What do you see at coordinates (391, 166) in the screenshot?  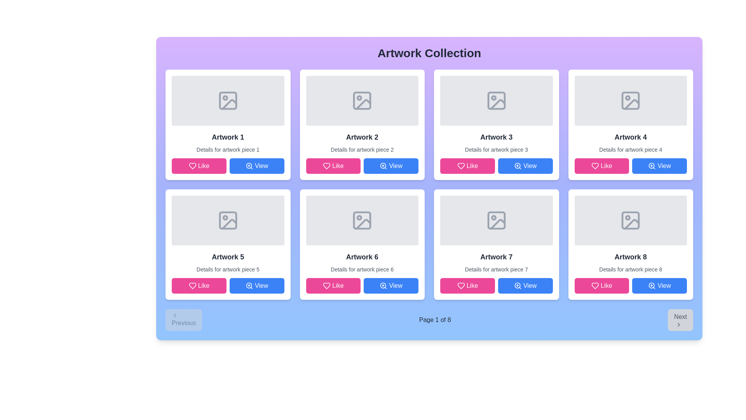 I see `the second button in the bottom section of the second panel from the left in the top row` at bounding box center [391, 166].